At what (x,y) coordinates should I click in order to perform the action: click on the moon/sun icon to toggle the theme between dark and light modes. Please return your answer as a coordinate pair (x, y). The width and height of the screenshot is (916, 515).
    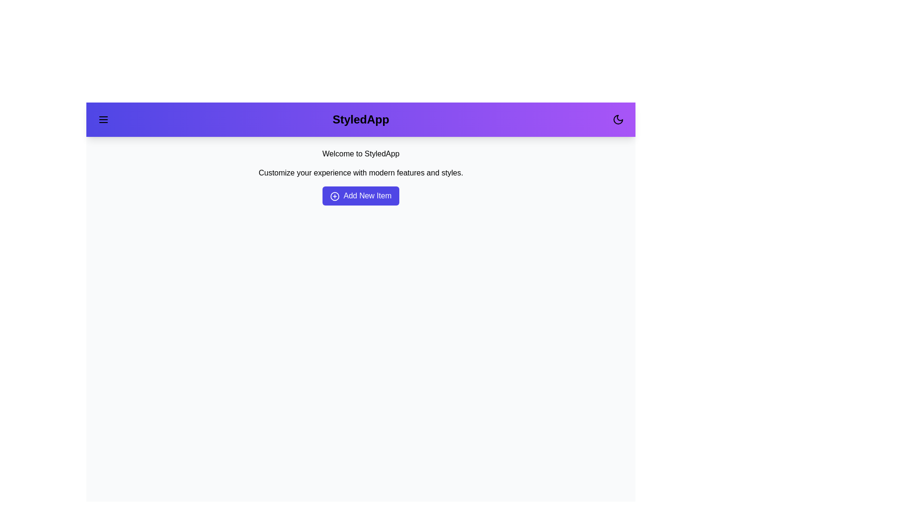
    Looking at the image, I should click on (618, 119).